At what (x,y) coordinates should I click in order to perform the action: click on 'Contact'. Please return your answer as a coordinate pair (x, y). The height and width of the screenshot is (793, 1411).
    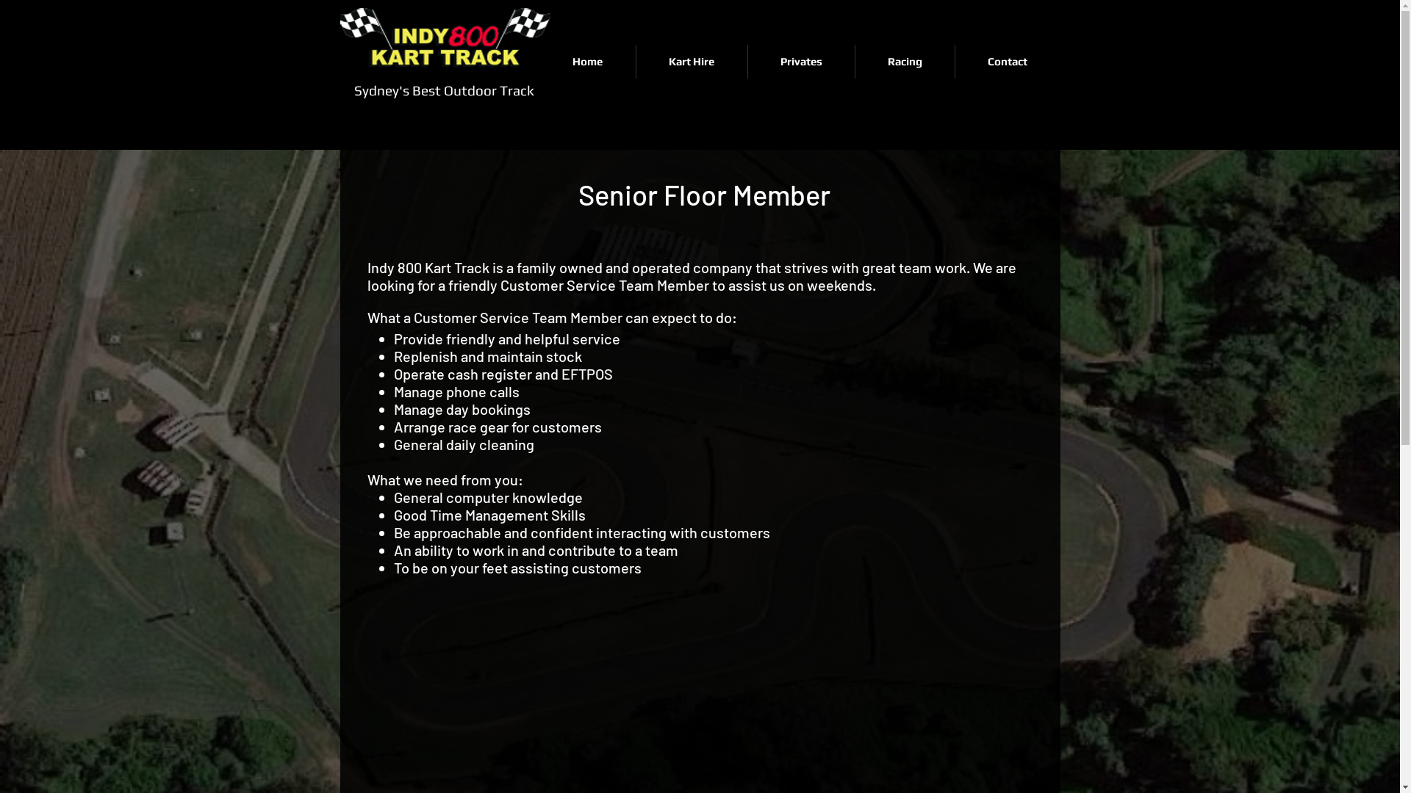
    Looking at the image, I should click on (955, 61).